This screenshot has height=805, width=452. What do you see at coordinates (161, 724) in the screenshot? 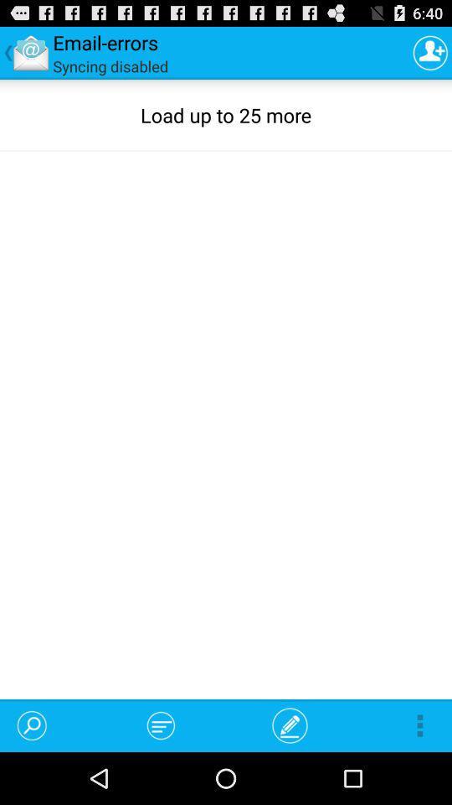
I see `item below the load up to` at bounding box center [161, 724].